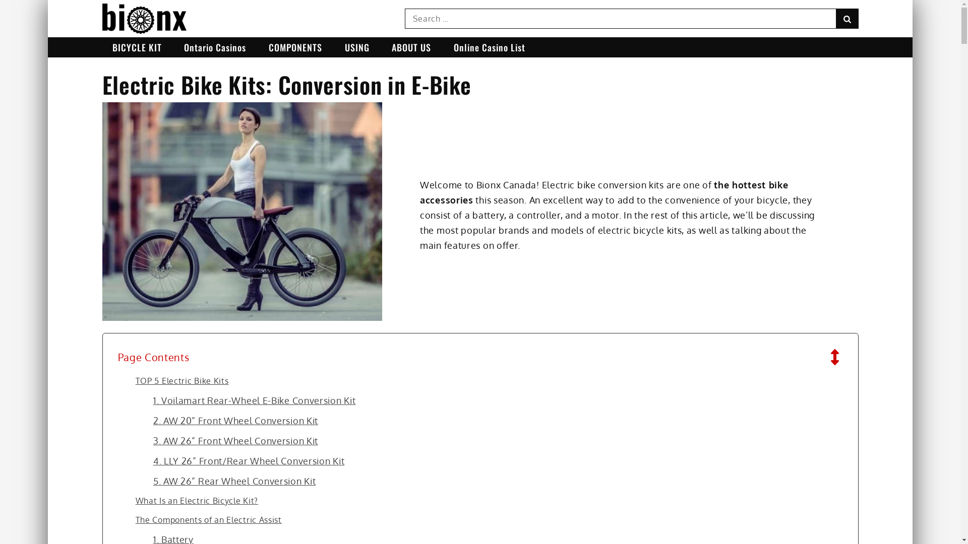 This screenshot has height=544, width=968. I want to click on 'The Components of an Electric Assist', so click(208, 520).